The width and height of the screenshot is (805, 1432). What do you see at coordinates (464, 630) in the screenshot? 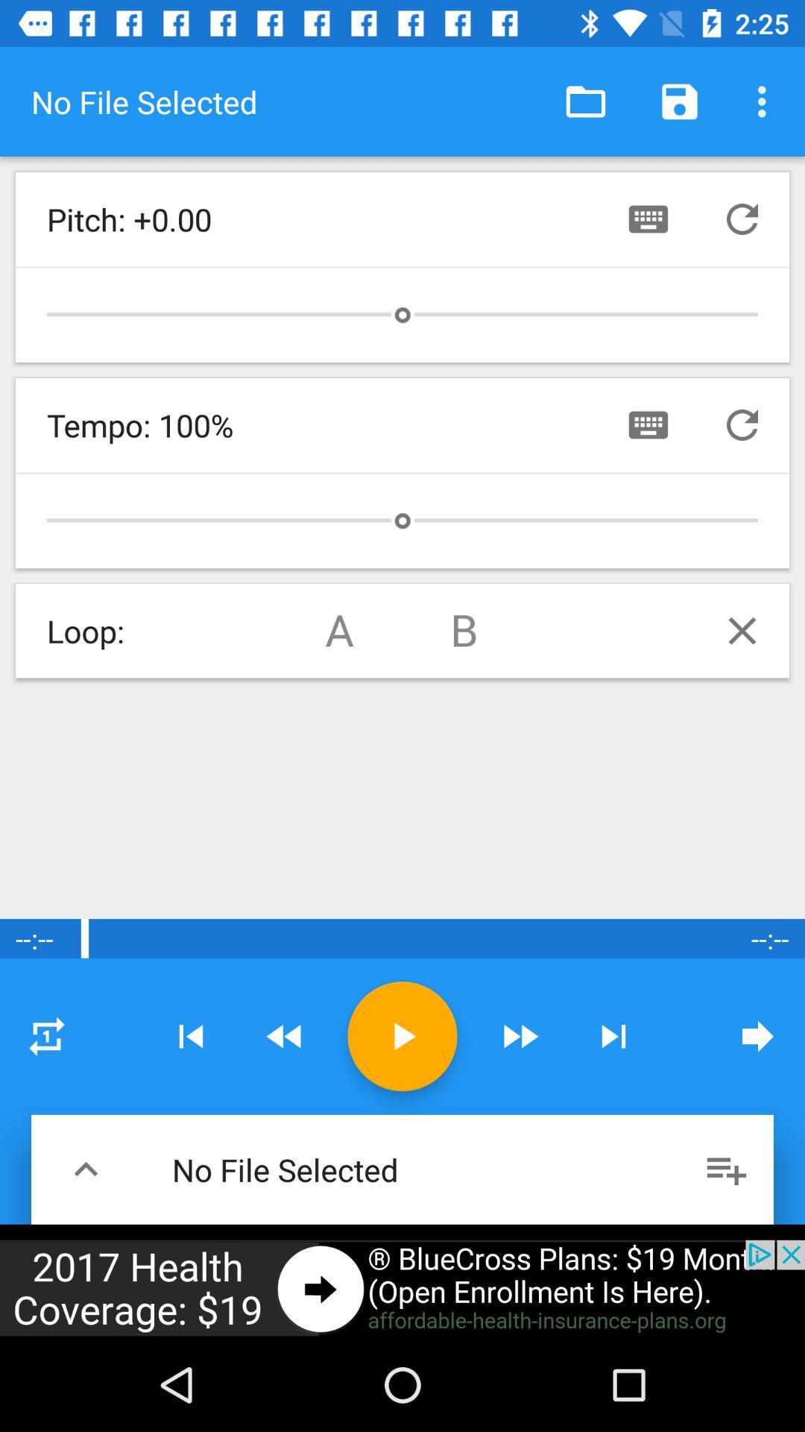
I see `plays second track` at bounding box center [464, 630].